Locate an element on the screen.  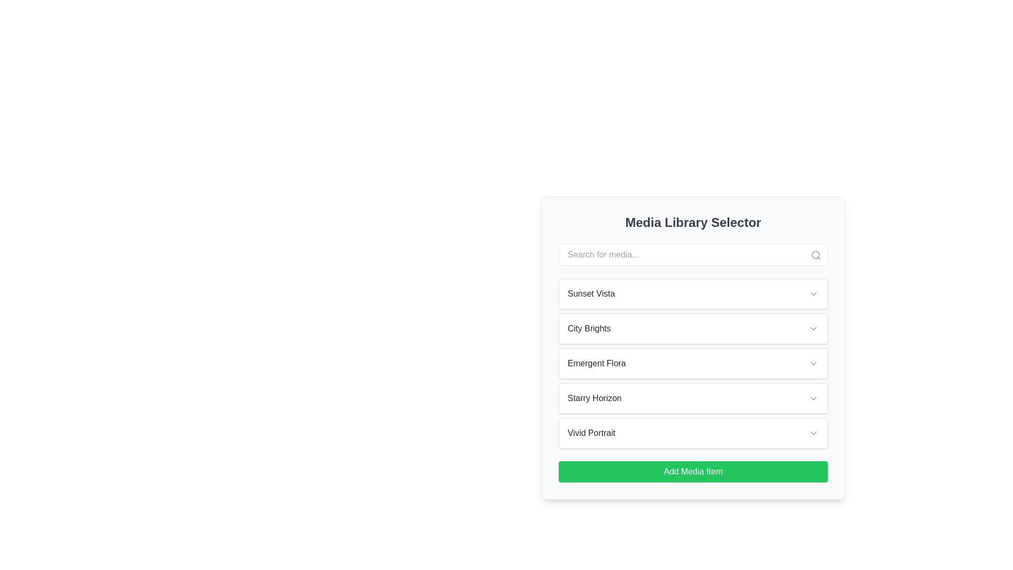
the downward-facing chevron icon, which is gray and located to the right of the 'Starry Horizon' text is located at coordinates (813, 398).